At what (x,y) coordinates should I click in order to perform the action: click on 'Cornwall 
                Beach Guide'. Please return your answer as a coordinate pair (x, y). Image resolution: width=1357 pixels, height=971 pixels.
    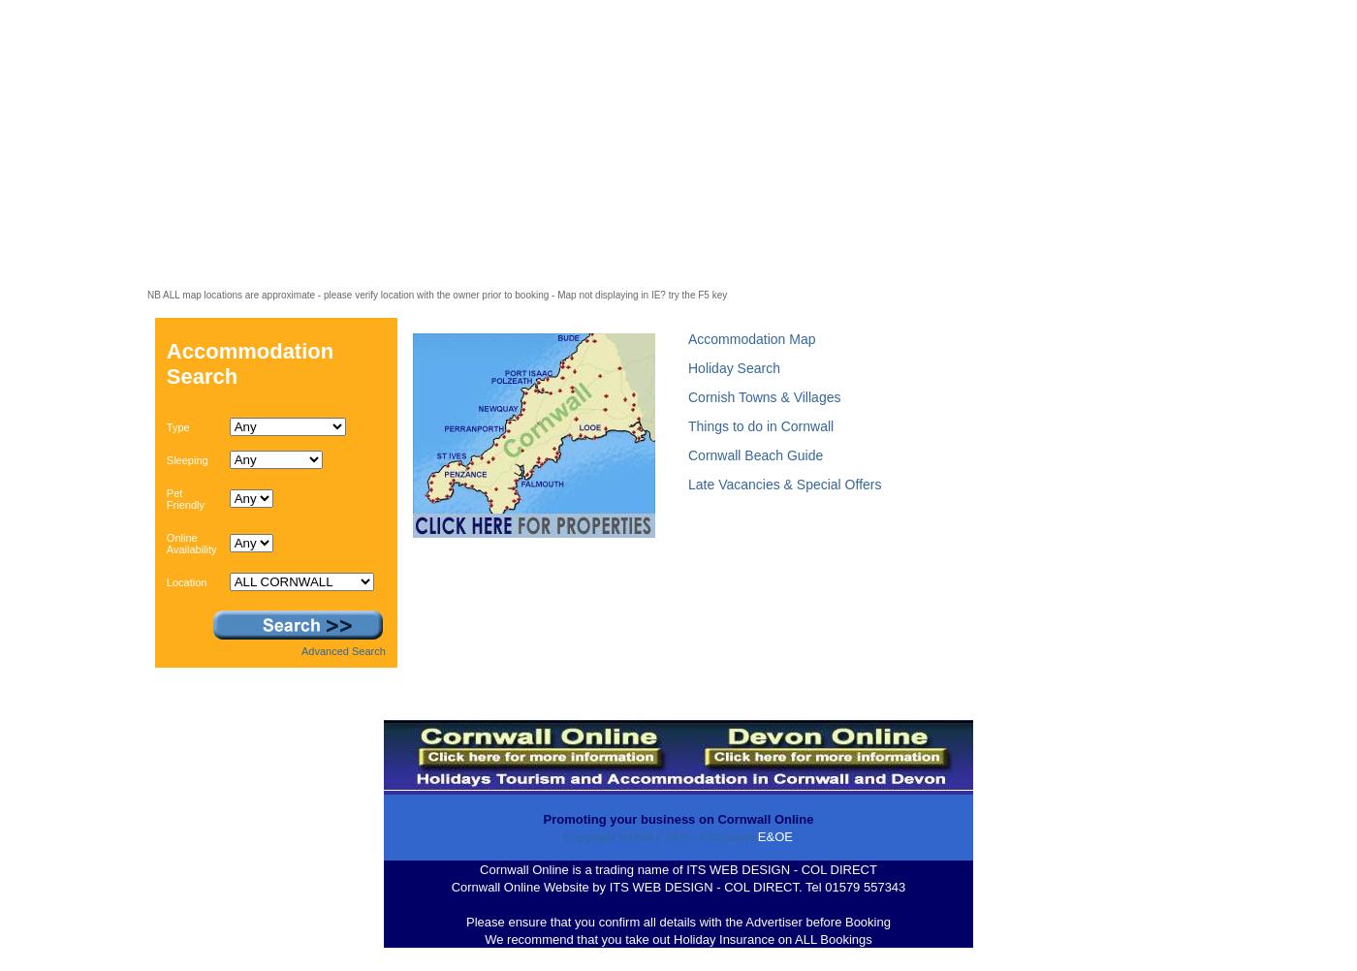
    Looking at the image, I should click on (754, 454).